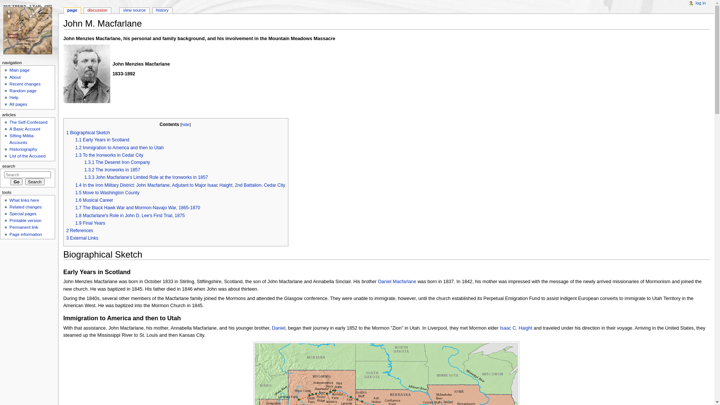 This screenshot has width=720, height=405. What do you see at coordinates (75, 154) in the screenshot?
I see `'1.3 To the Ironworks in Cedar City'` at bounding box center [75, 154].